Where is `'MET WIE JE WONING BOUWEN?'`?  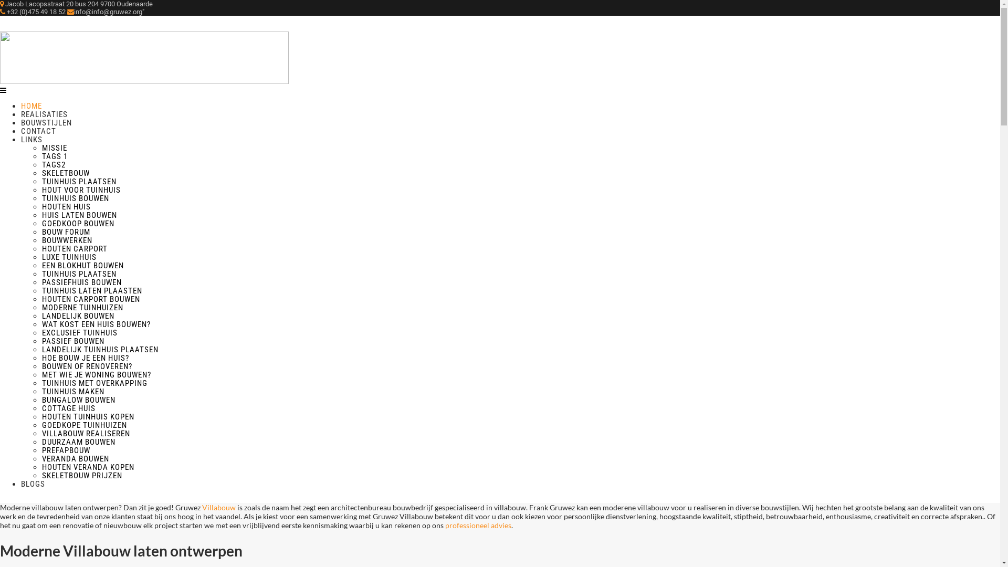
'MET WIE JE WONING BOUWEN?' is located at coordinates (42, 374).